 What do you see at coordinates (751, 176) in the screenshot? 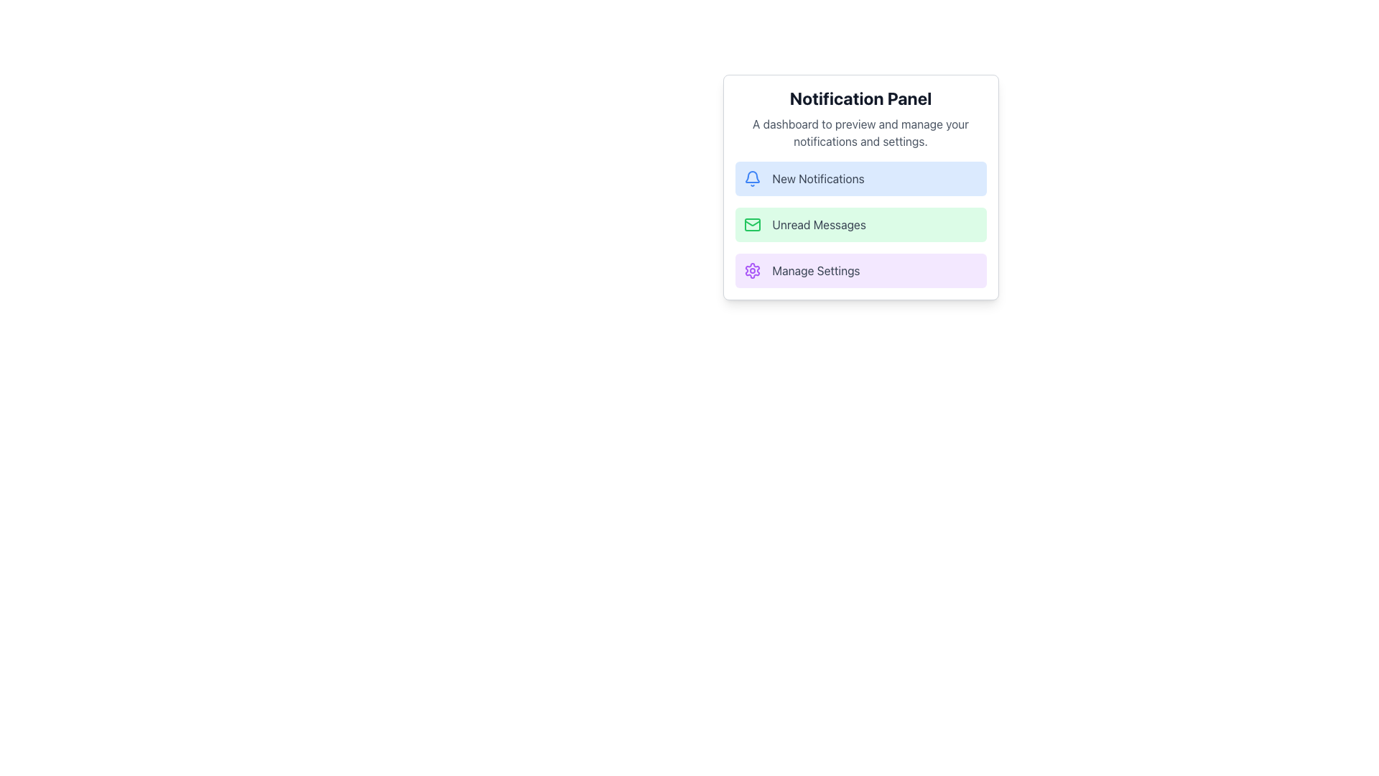
I see `the notification bell icon located in the notification panel, positioned to the left of the text 'New Notifications.'` at bounding box center [751, 176].